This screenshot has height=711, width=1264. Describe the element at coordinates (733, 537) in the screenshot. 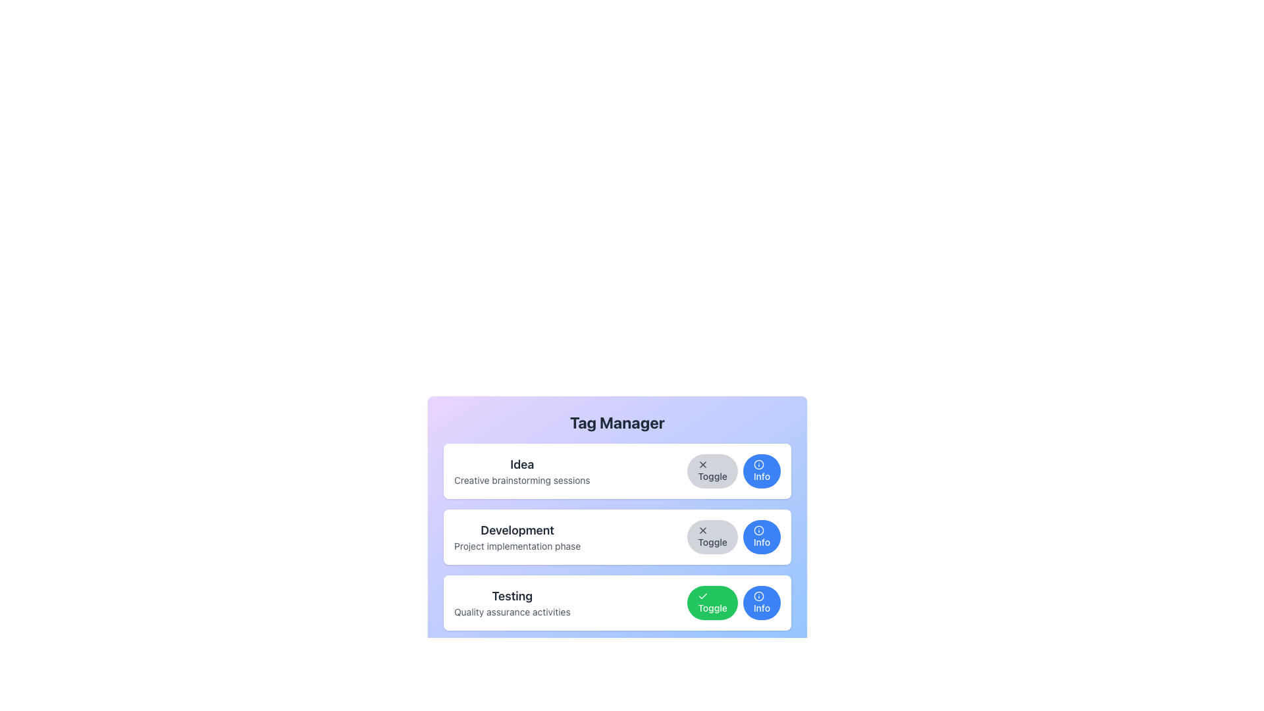

I see `the buttons in the 'Development' button group, which includes a 'Toggle' button and an 'Info' button` at that location.